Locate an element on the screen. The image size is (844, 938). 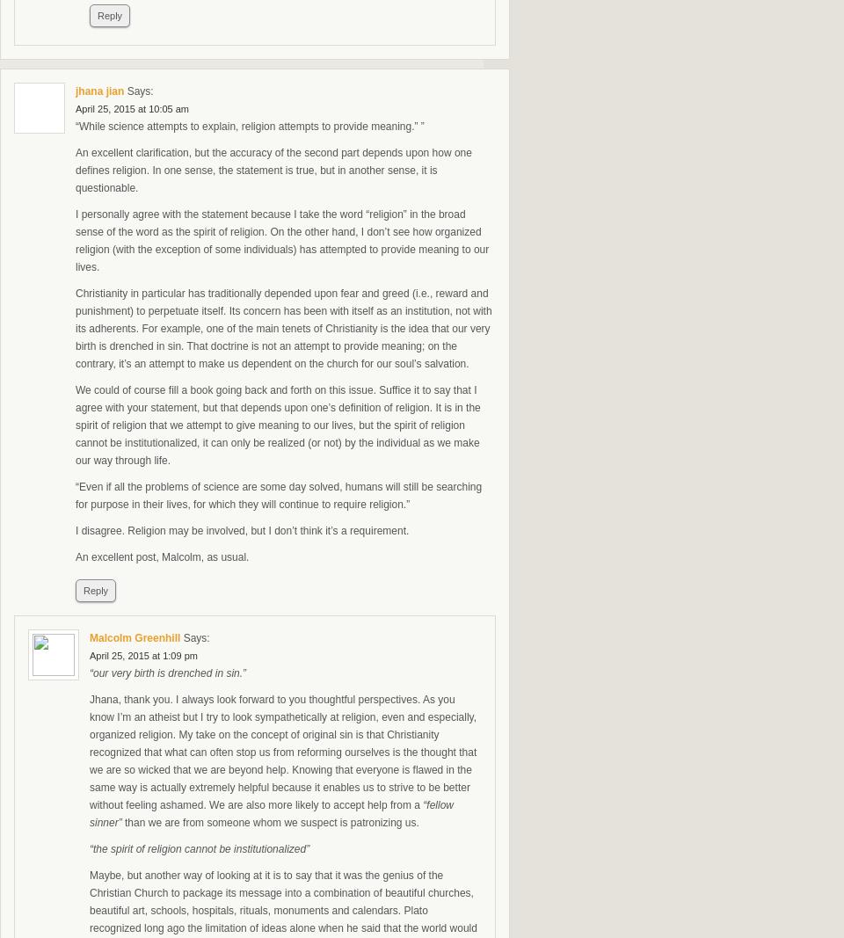
'April 25, 2015 at 1:09 pm' is located at coordinates (142, 655).